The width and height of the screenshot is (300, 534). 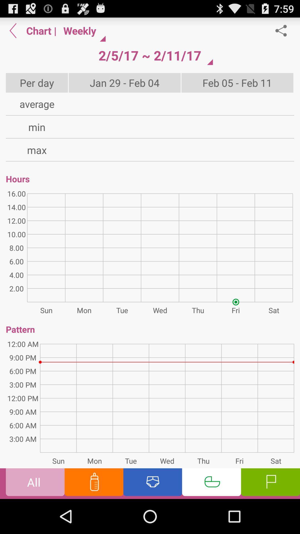 What do you see at coordinates (284, 33) in the screenshot?
I see `the share icon` at bounding box center [284, 33].